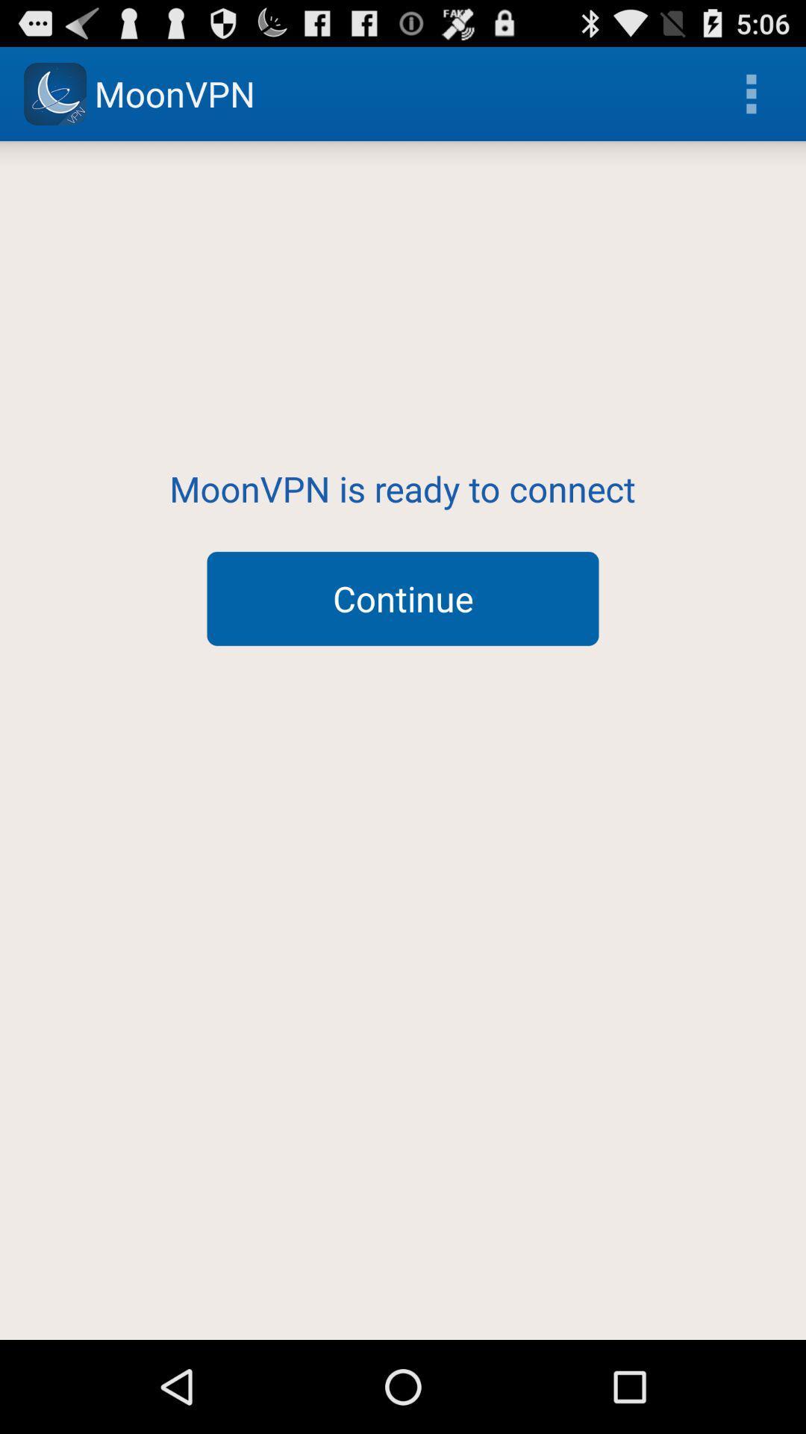 Image resolution: width=806 pixels, height=1434 pixels. Describe the element at coordinates (403, 598) in the screenshot. I see `icon below the moonvpn is ready item` at that location.